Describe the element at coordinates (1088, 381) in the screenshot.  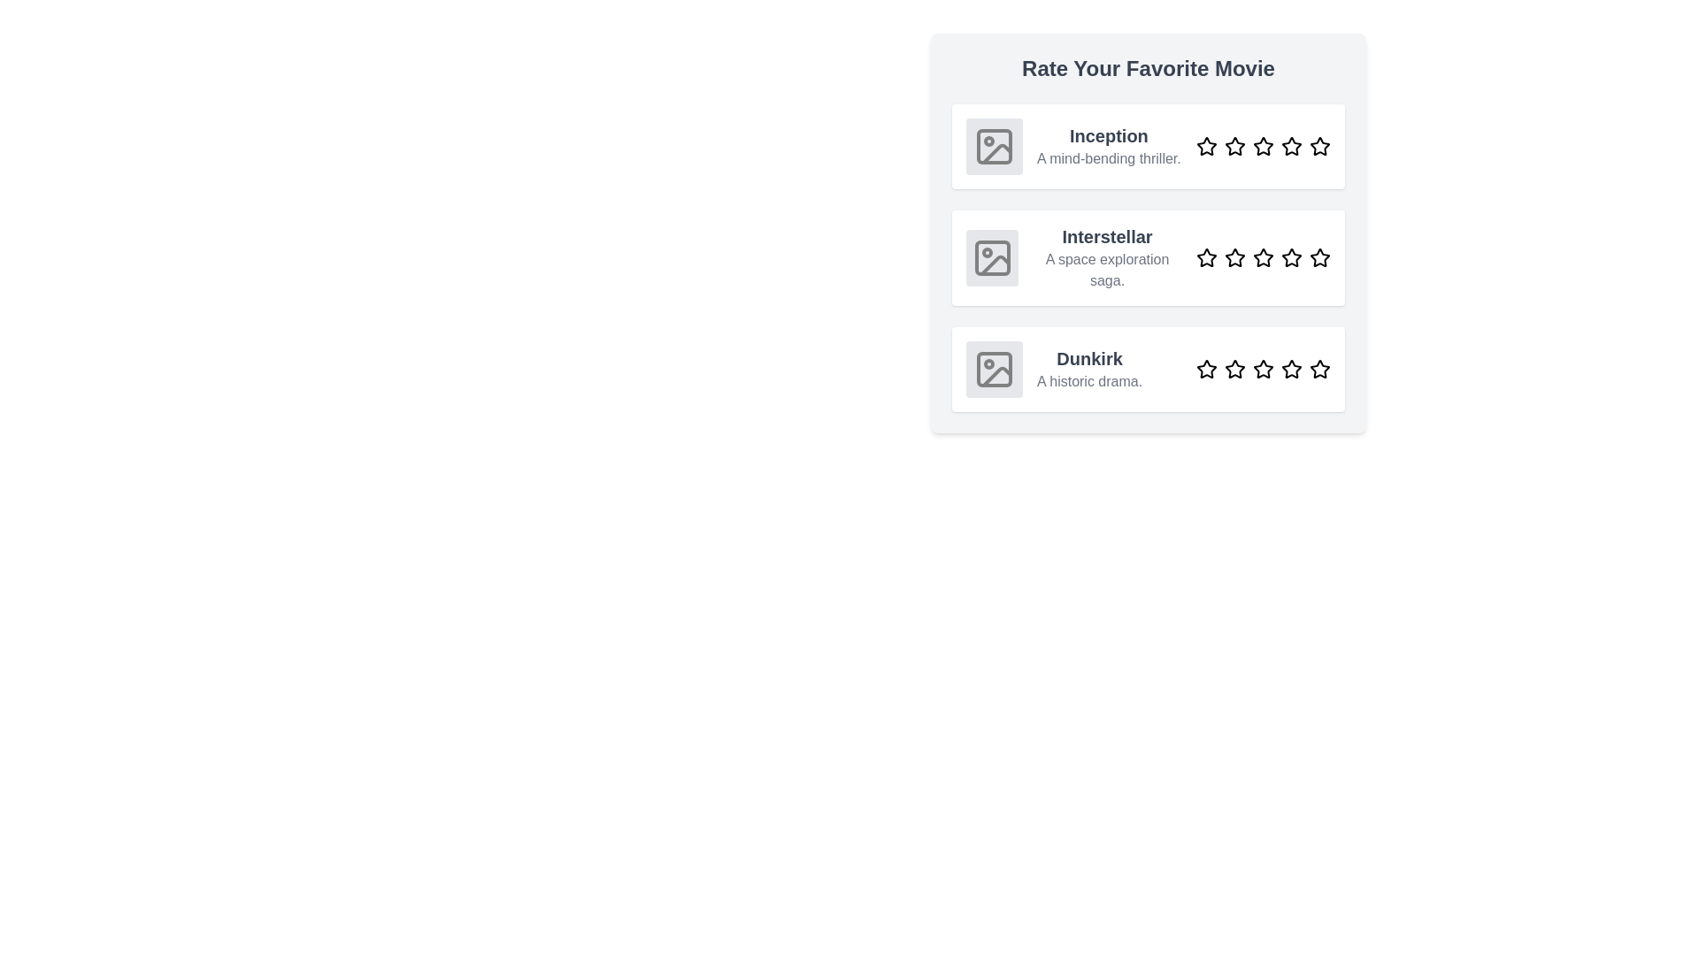
I see `the text label displaying 'A historic drama.' located below the title 'Dunkirk'` at that location.